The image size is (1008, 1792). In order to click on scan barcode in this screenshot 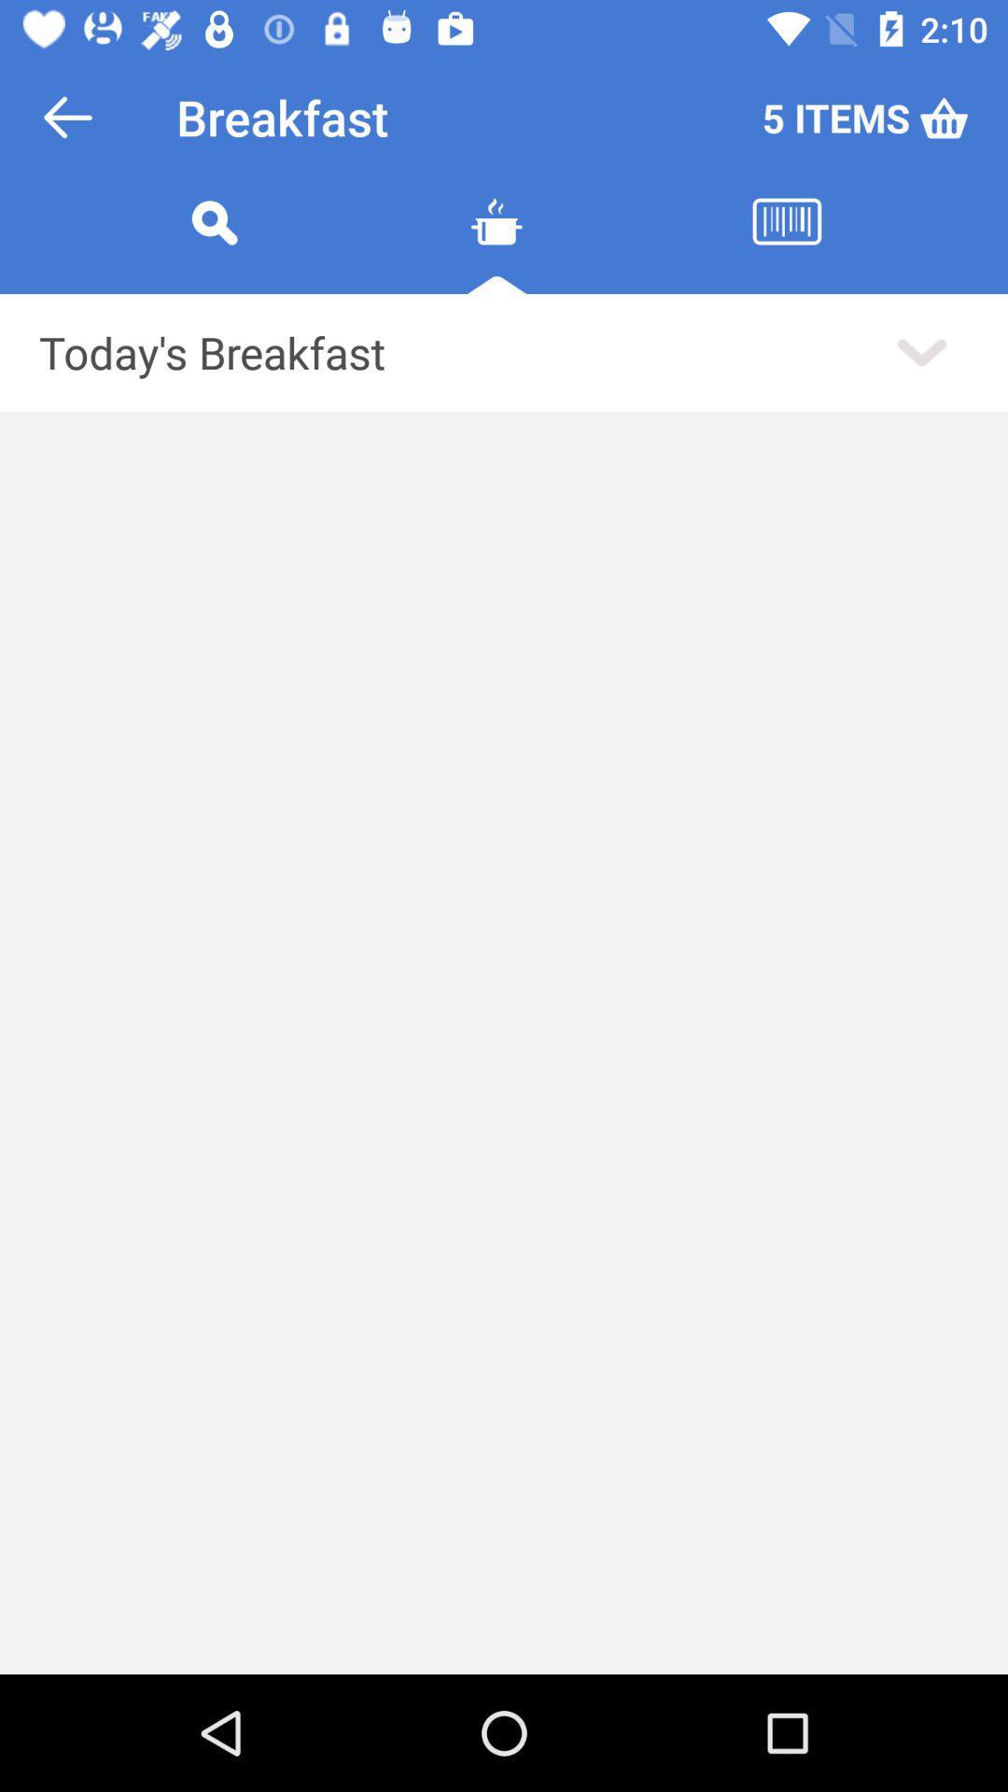, I will do `click(787, 244)`.